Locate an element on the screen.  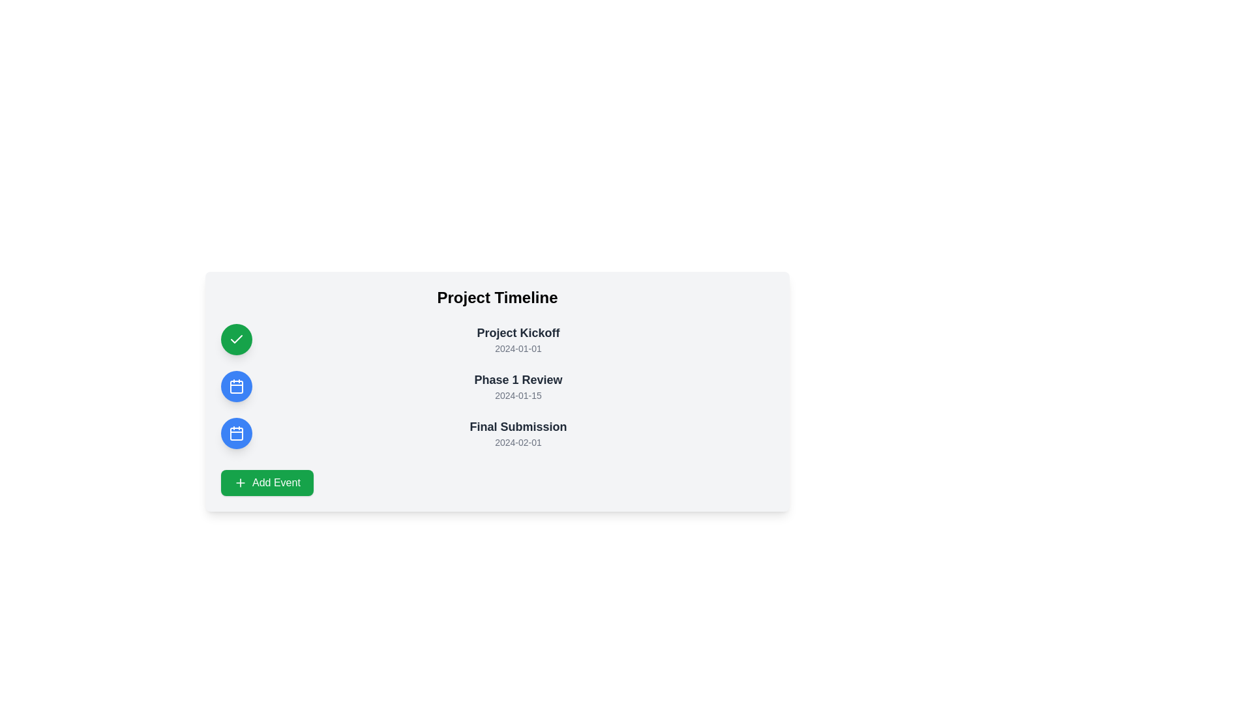
text displayed in the Text Label identified by the bold black font saying 'Phase 1 Review', which is centrally positioned above the date '2024-01-15' is located at coordinates (518, 379).